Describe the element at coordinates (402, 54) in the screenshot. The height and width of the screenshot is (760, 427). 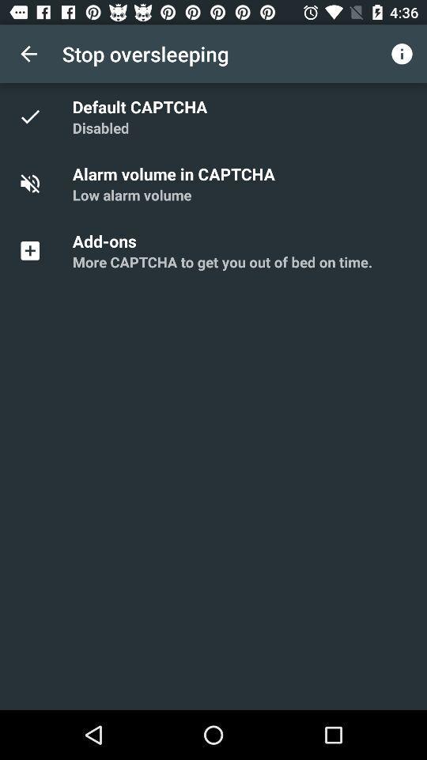
I see `the icon next to stop oversleeping item` at that location.